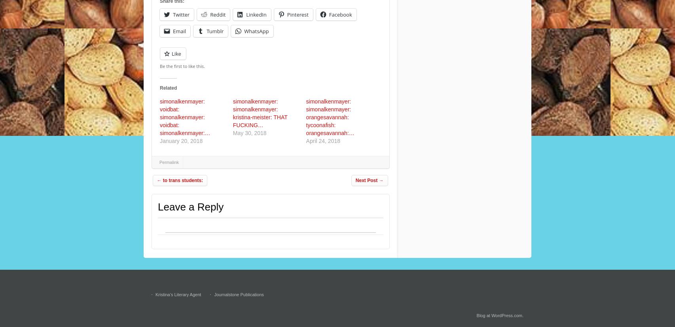  What do you see at coordinates (500, 315) in the screenshot?
I see `'Blog at WordPress.com.'` at bounding box center [500, 315].